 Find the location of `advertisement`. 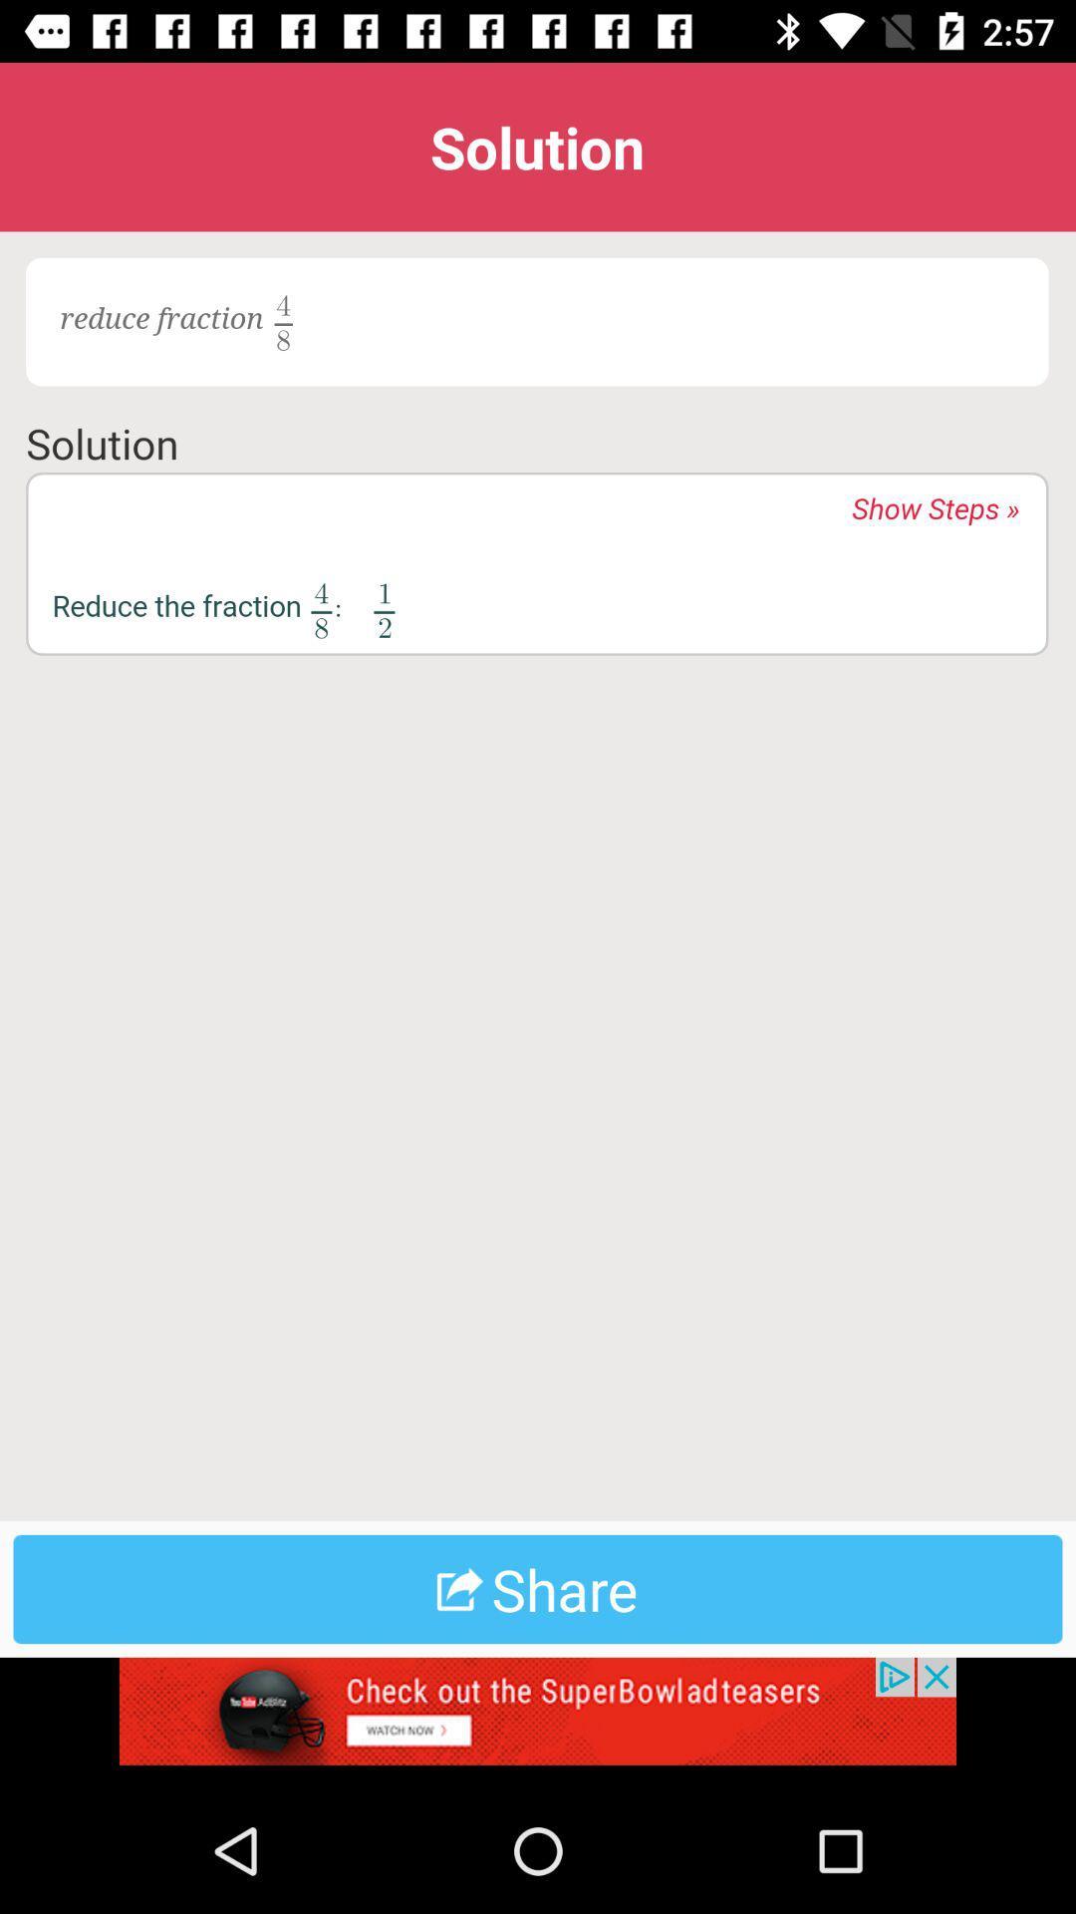

advertisement is located at coordinates (538, 1722).